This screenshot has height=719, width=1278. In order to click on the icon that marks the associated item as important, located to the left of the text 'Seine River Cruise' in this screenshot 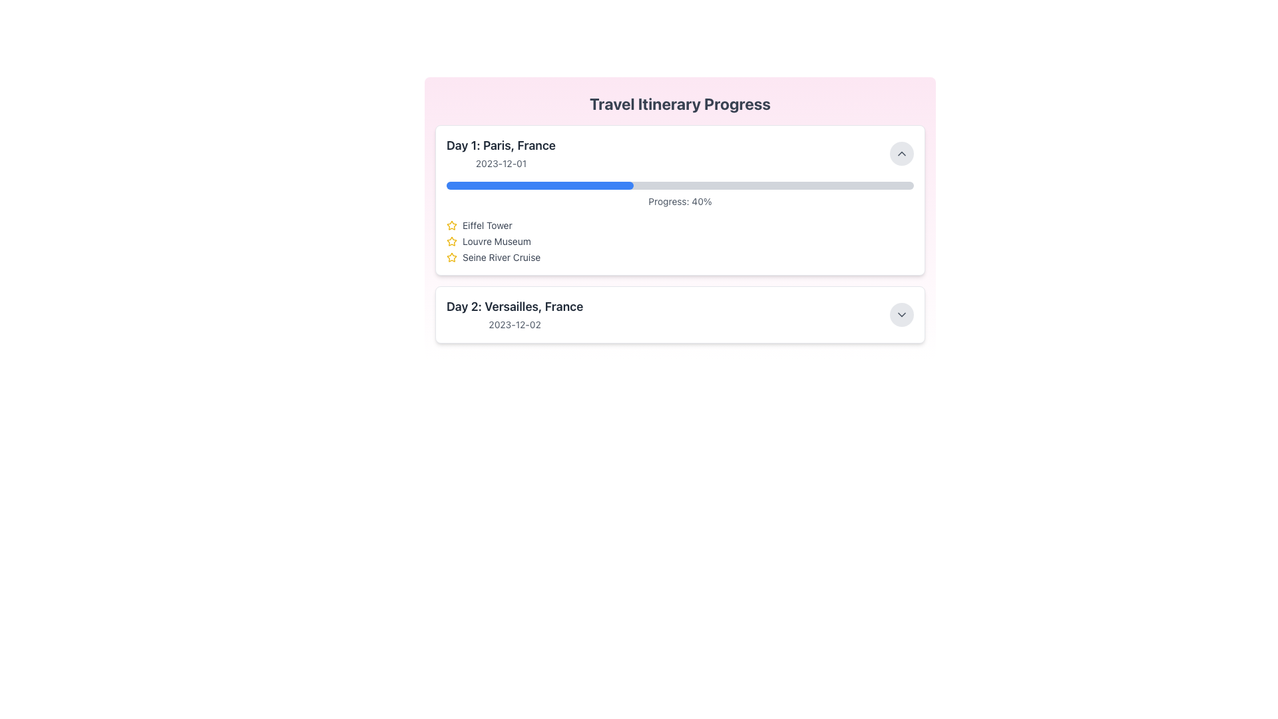, I will do `click(451, 257)`.